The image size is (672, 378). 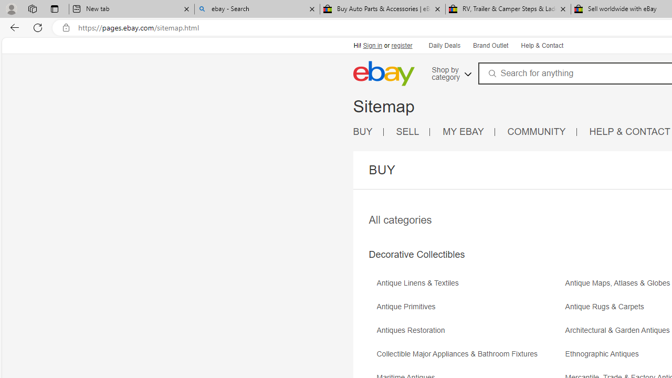 What do you see at coordinates (450, 71) in the screenshot?
I see `'Shop by category'` at bounding box center [450, 71].